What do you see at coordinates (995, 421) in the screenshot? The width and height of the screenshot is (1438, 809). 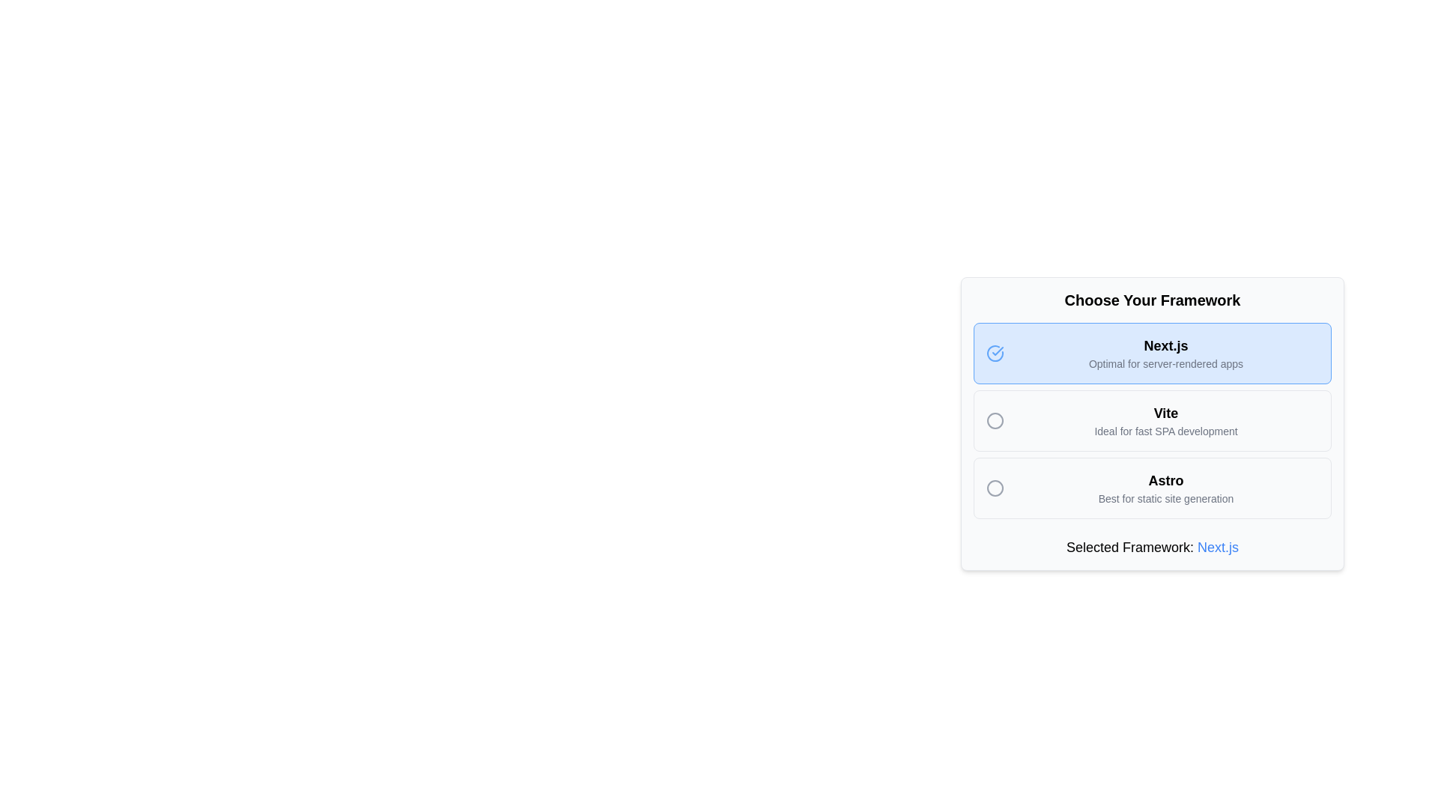 I see `the unselected radio button indicator for 'Vite' framework` at bounding box center [995, 421].